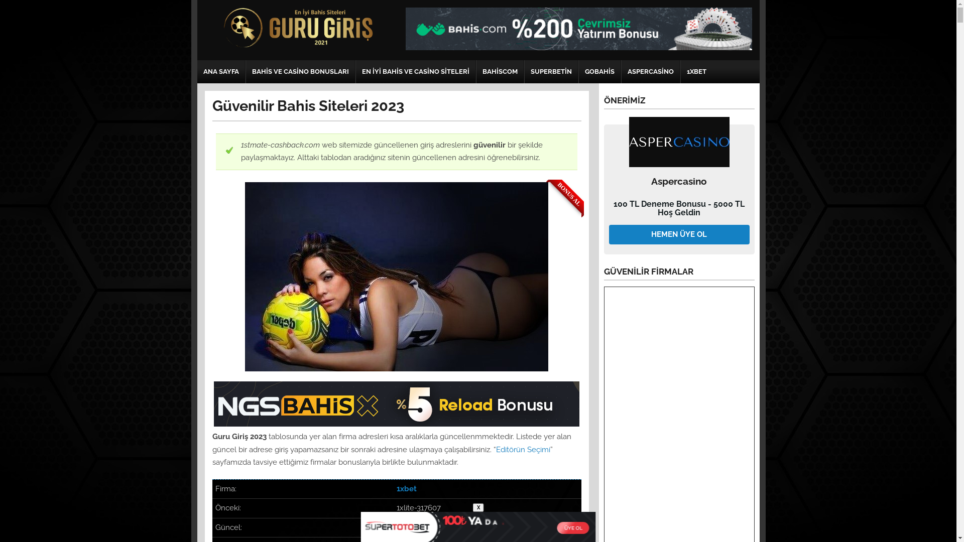 Image resolution: width=964 pixels, height=542 pixels. I want to click on 'BAHISCOM', so click(499, 71).